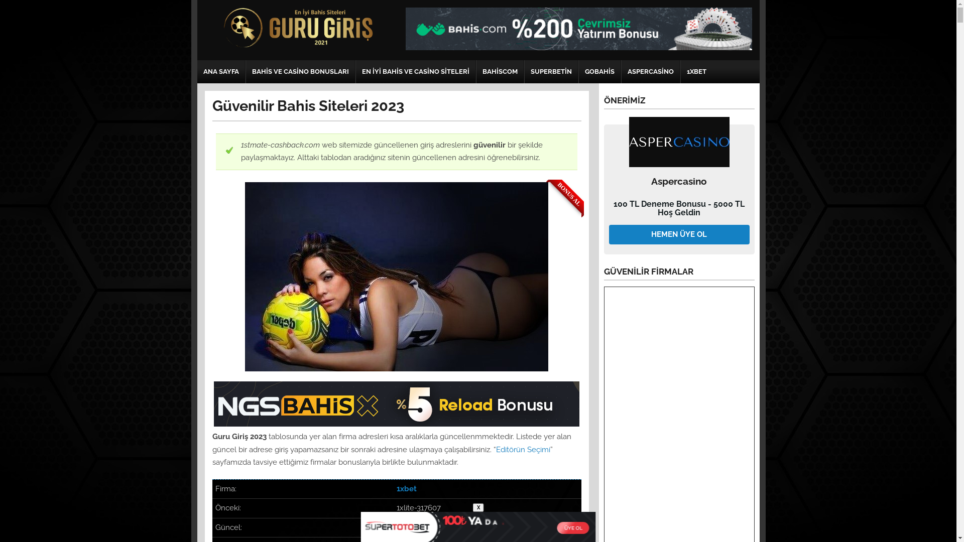 Image resolution: width=964 pixels, height=542 pixels. I want to click on 'BAHISCOM', so click(499, 71).